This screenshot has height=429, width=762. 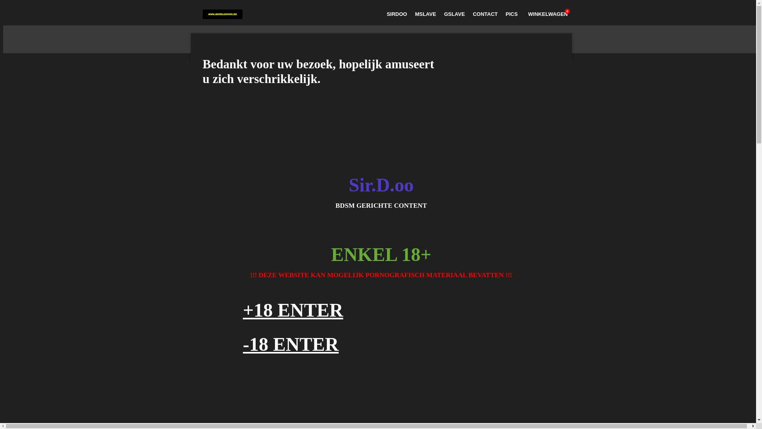 What do you see at coordinates (425, 14) in the screenshot?
I see `'MSLAVE'` at bounding box center [425, 14].